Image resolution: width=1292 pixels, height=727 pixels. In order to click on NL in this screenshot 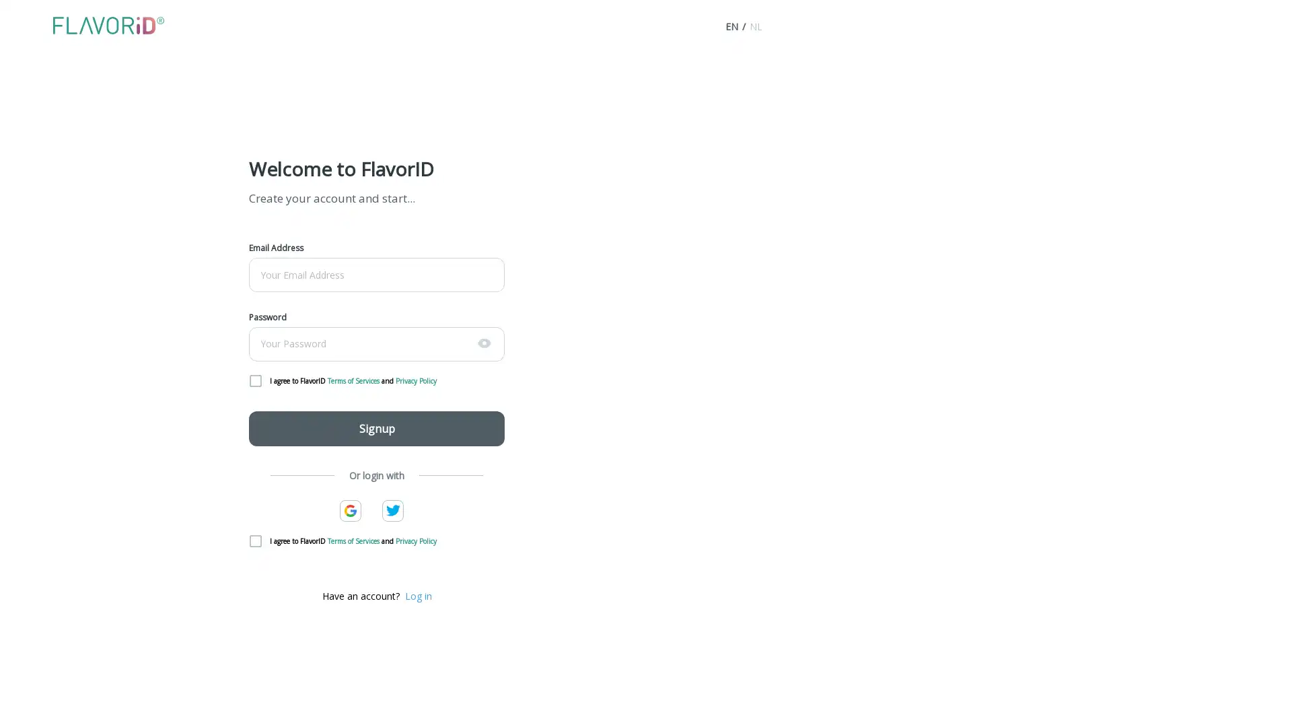, I will do `click(755, 26)`.